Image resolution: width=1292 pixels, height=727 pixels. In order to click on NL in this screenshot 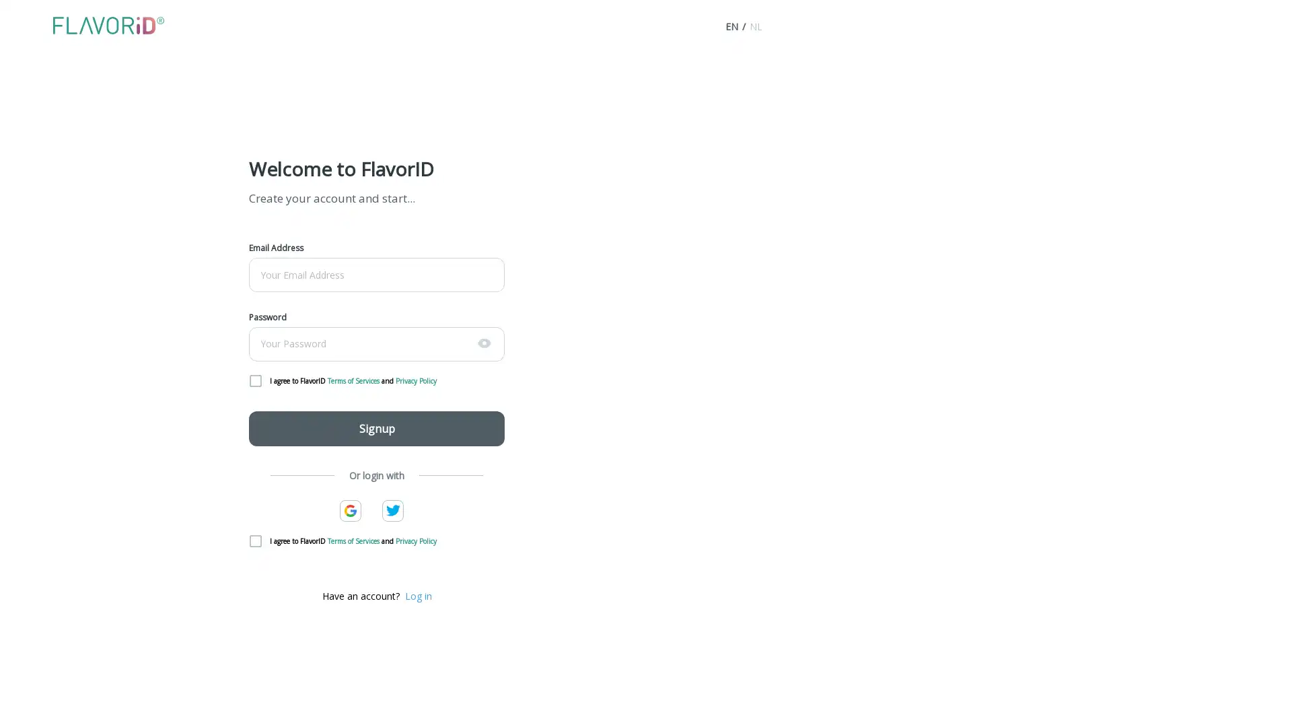, I will do `click(755, 26)`.